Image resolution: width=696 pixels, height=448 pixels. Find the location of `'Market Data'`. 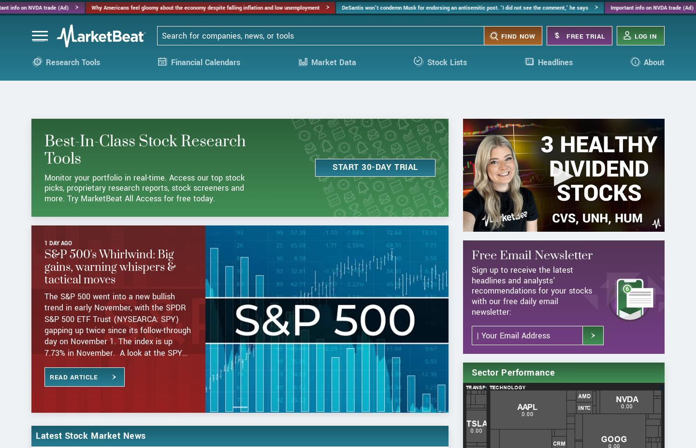

'Market Data' is located at coordinates (310, 70).